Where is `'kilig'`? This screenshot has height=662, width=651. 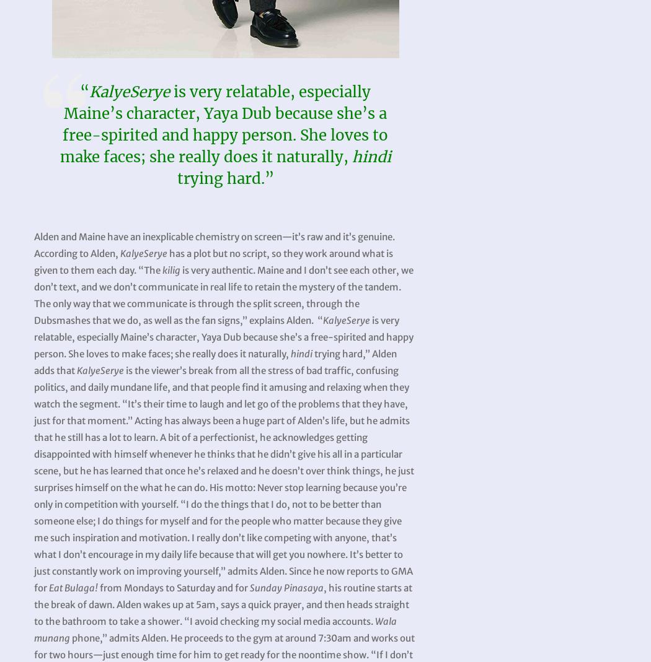
'kilig' is located at coordinates (170, 269).